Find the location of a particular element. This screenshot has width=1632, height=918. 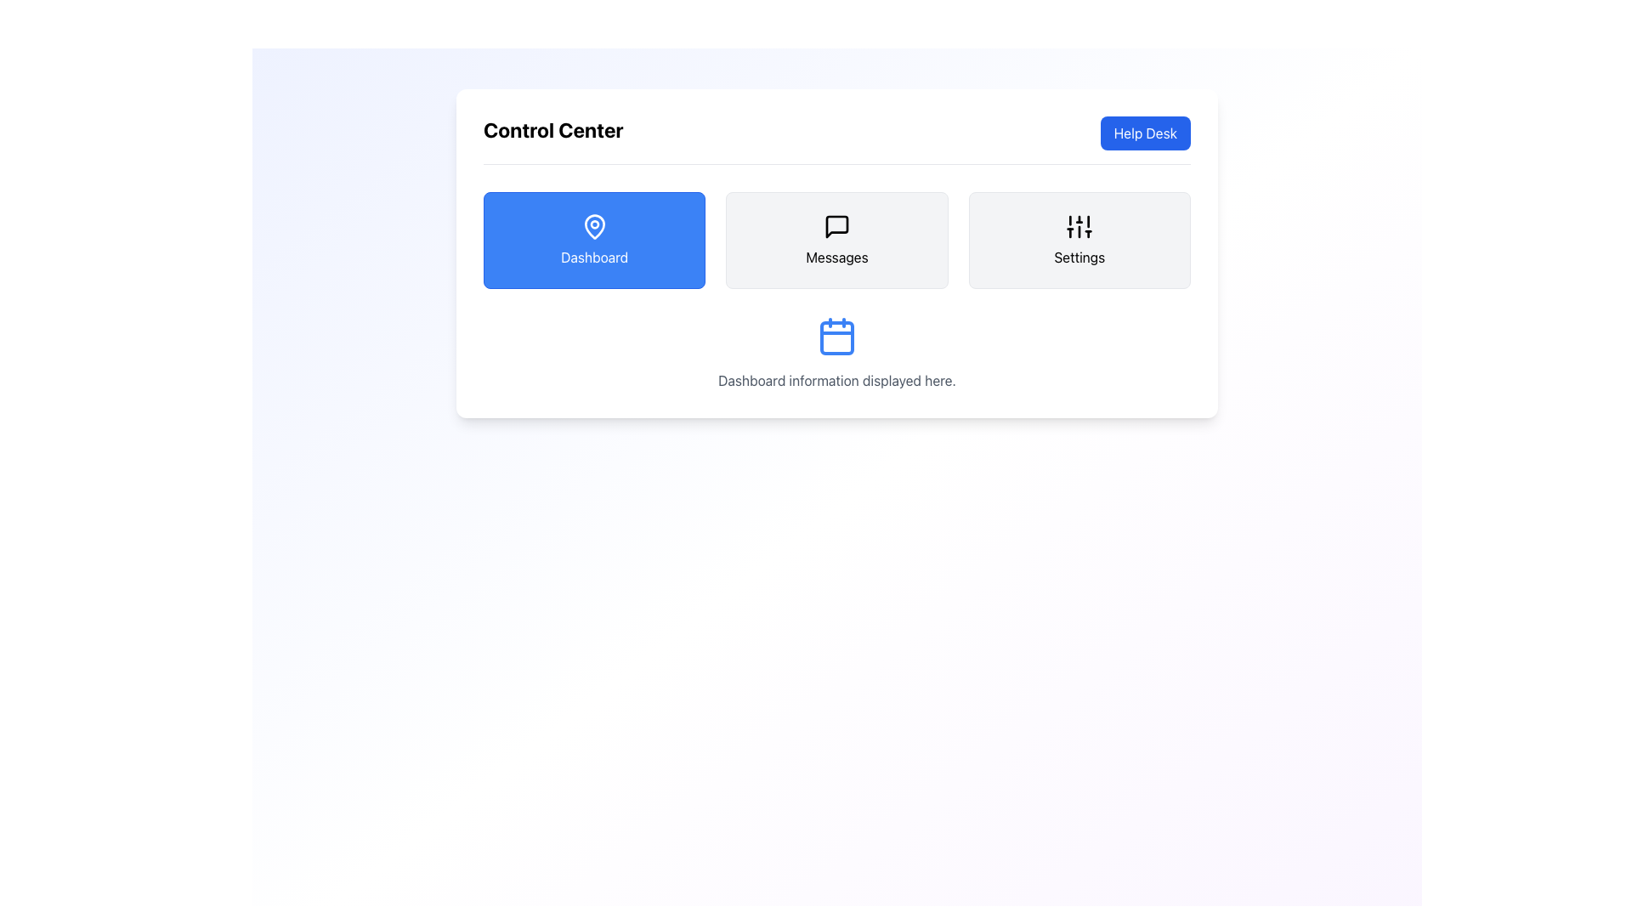

the 'Settings' button, which is a rectangular button with rounded corners, light gray background, and a text label reading 'Settings' below an icon of vertical sliders, located on the right side of the interface under the 'Control Center' header is located at coordinates (1079, 240).